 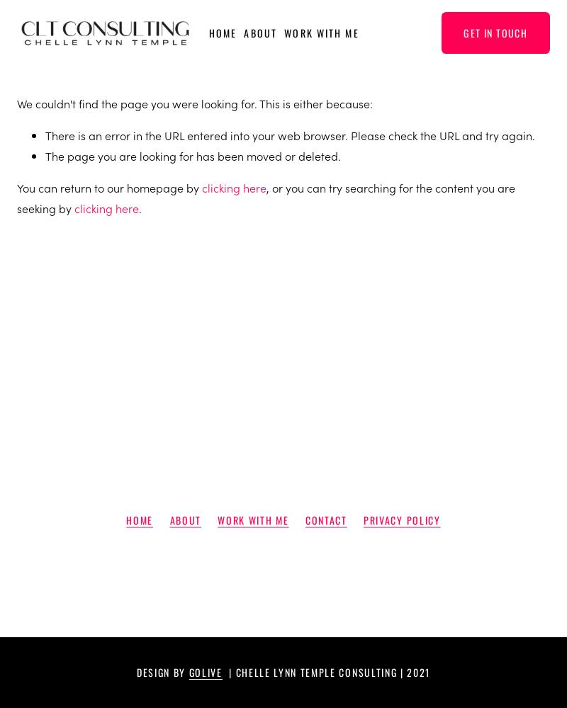 I want to click on 'We couldn't find the page you were looking for. This is either because:', so click(x=17, y=103).